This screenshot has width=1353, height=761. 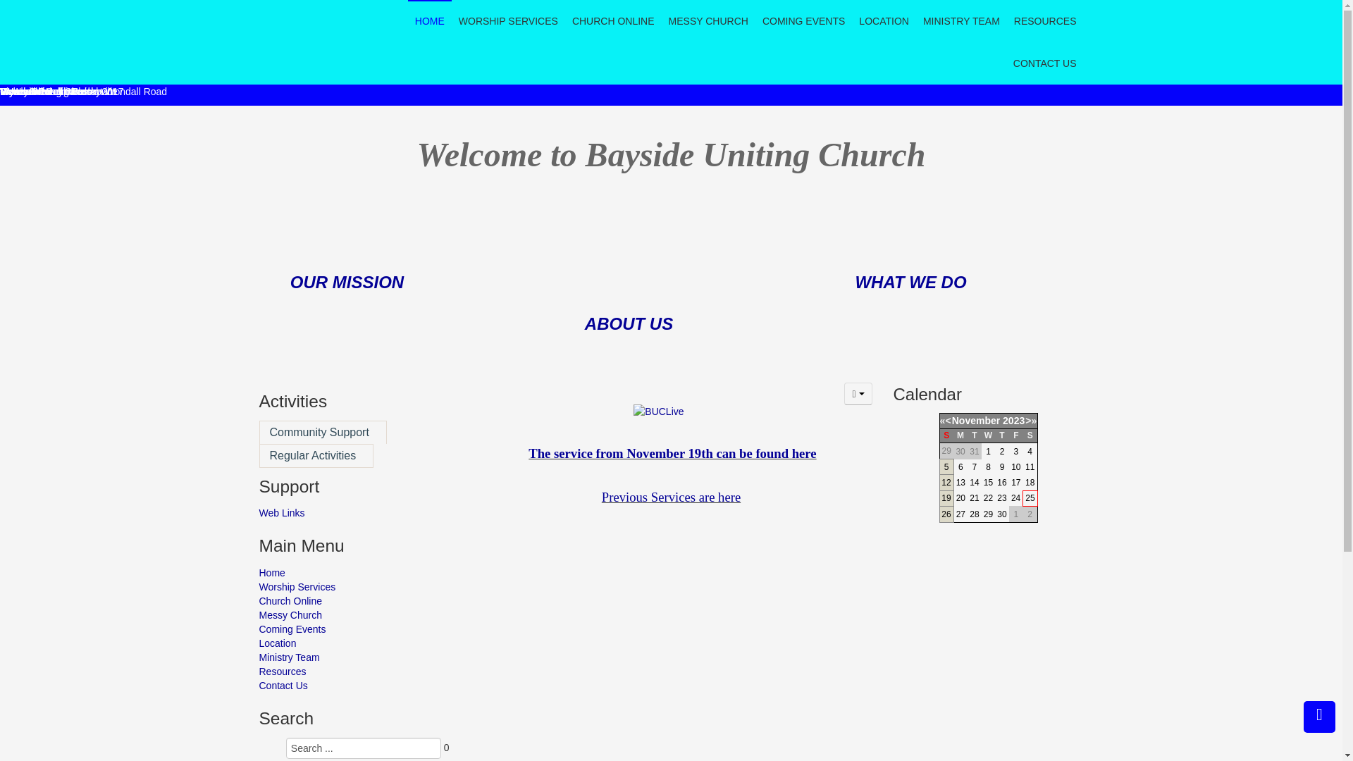 I want to click on '24', so click(x=1015, y=497).